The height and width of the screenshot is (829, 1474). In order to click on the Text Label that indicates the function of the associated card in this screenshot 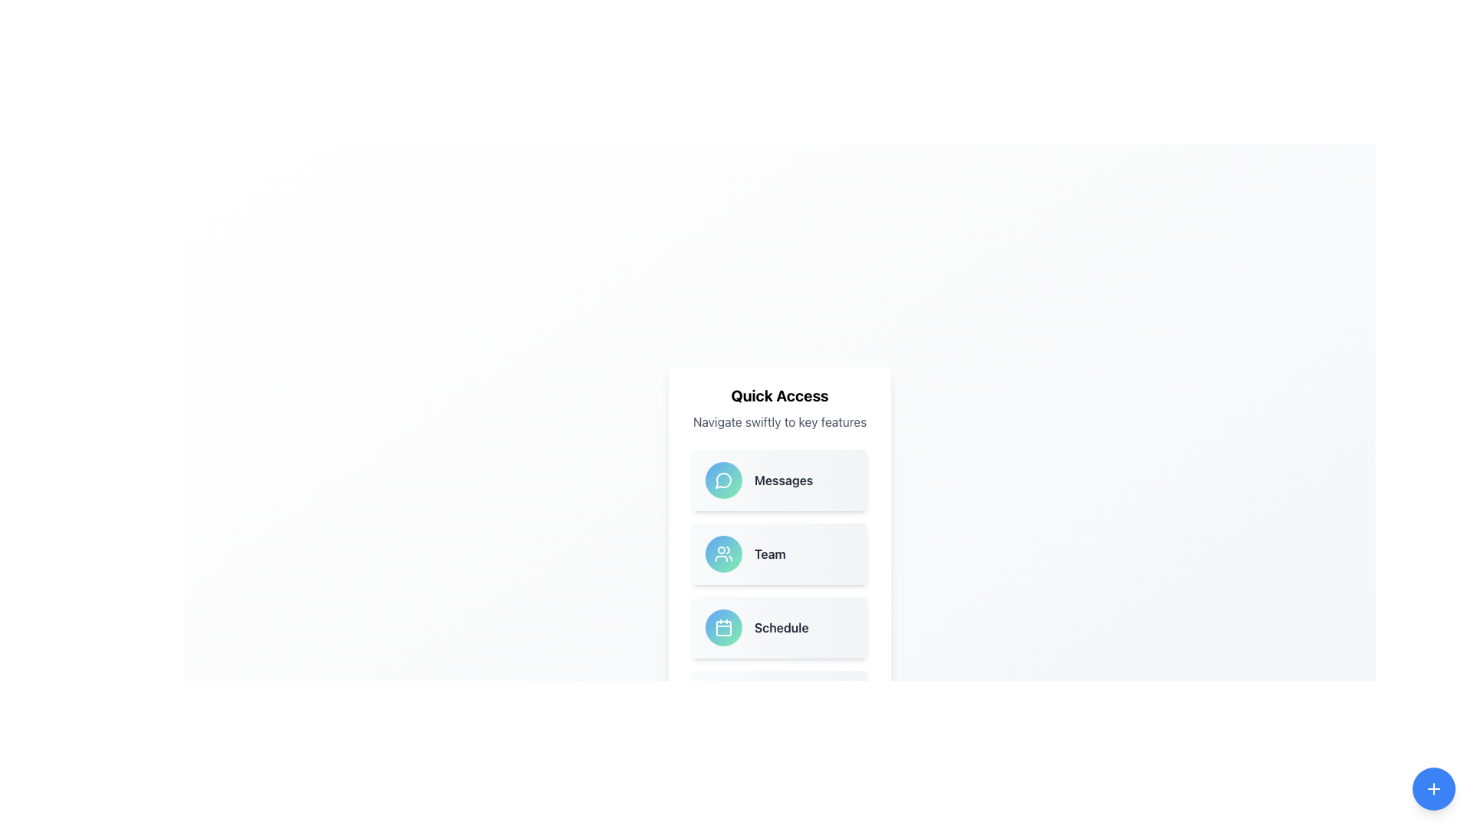, I will do `click(784, 479)`.